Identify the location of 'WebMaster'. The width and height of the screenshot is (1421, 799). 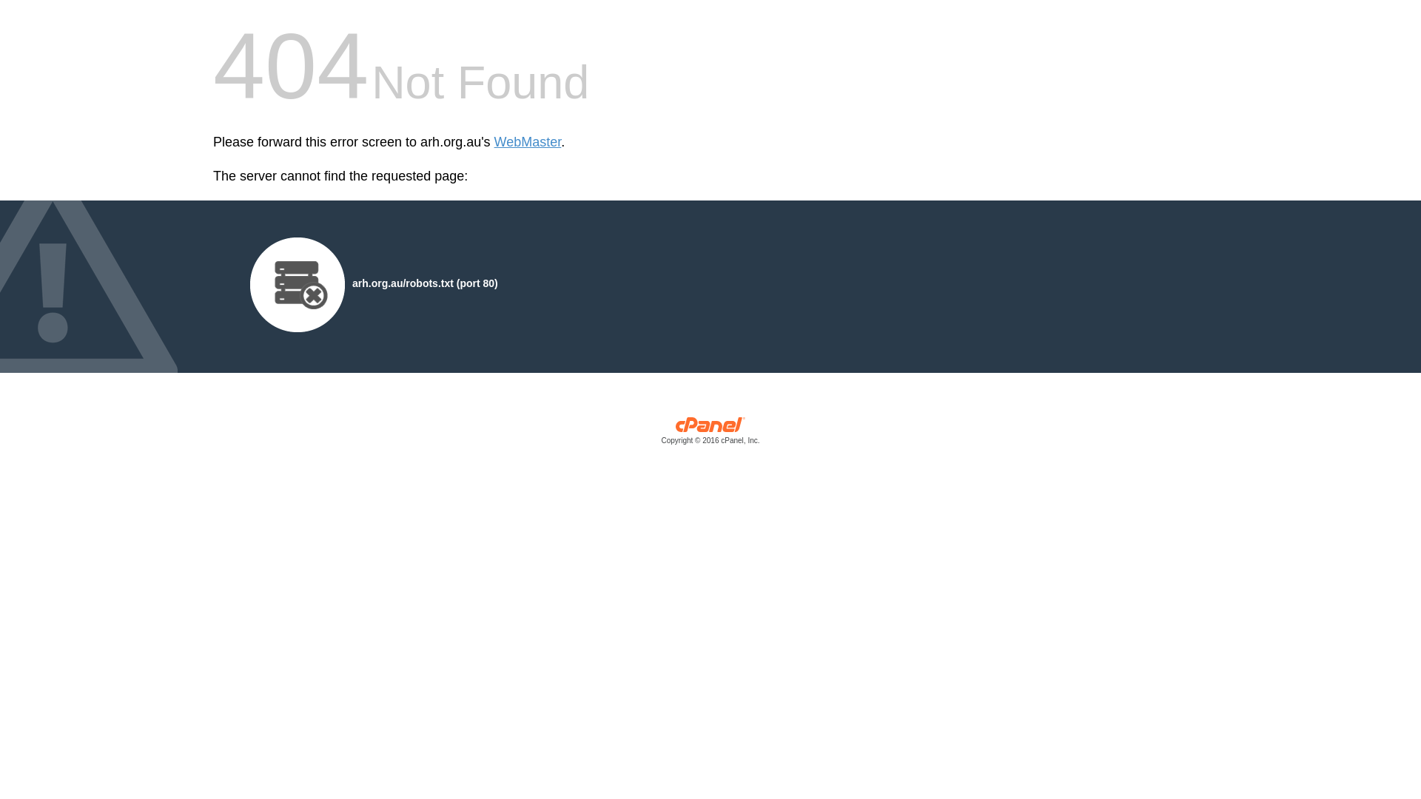
(528, 142).